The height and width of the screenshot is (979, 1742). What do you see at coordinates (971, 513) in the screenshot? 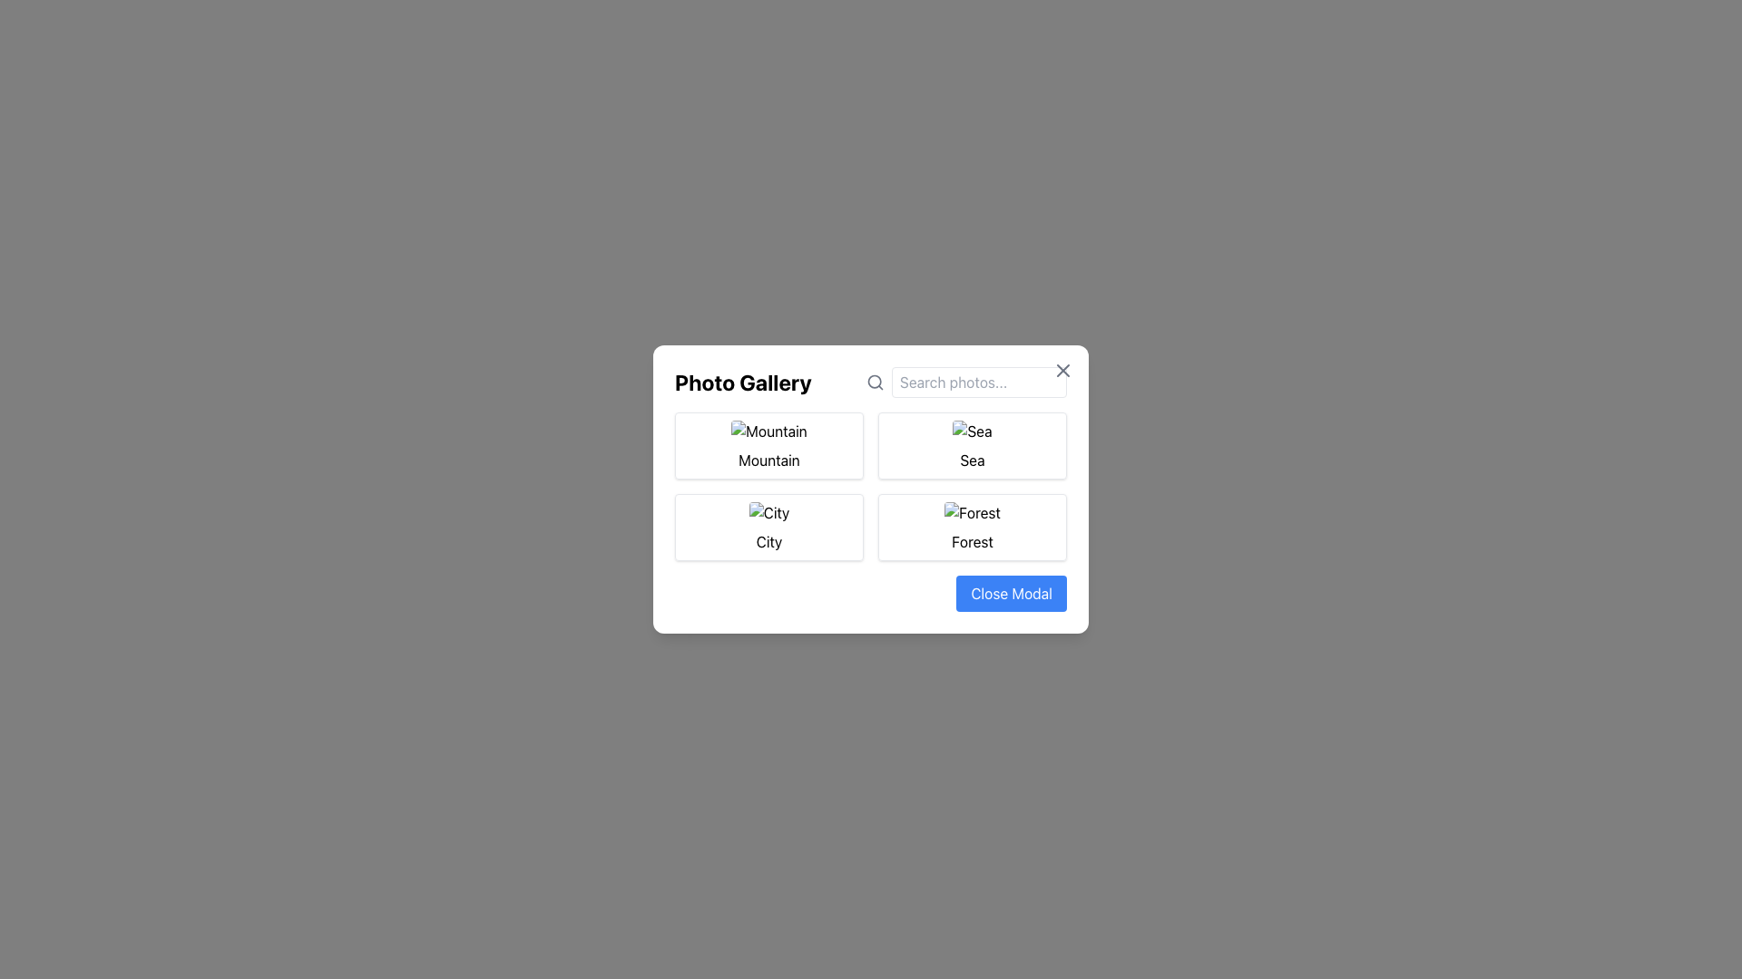
I see `the forest-themed image thumbnail located in the fourth section of the grid layout, beneath the 'Forest' label and to the right of the 'City' area` at bounding box center [971, 513].